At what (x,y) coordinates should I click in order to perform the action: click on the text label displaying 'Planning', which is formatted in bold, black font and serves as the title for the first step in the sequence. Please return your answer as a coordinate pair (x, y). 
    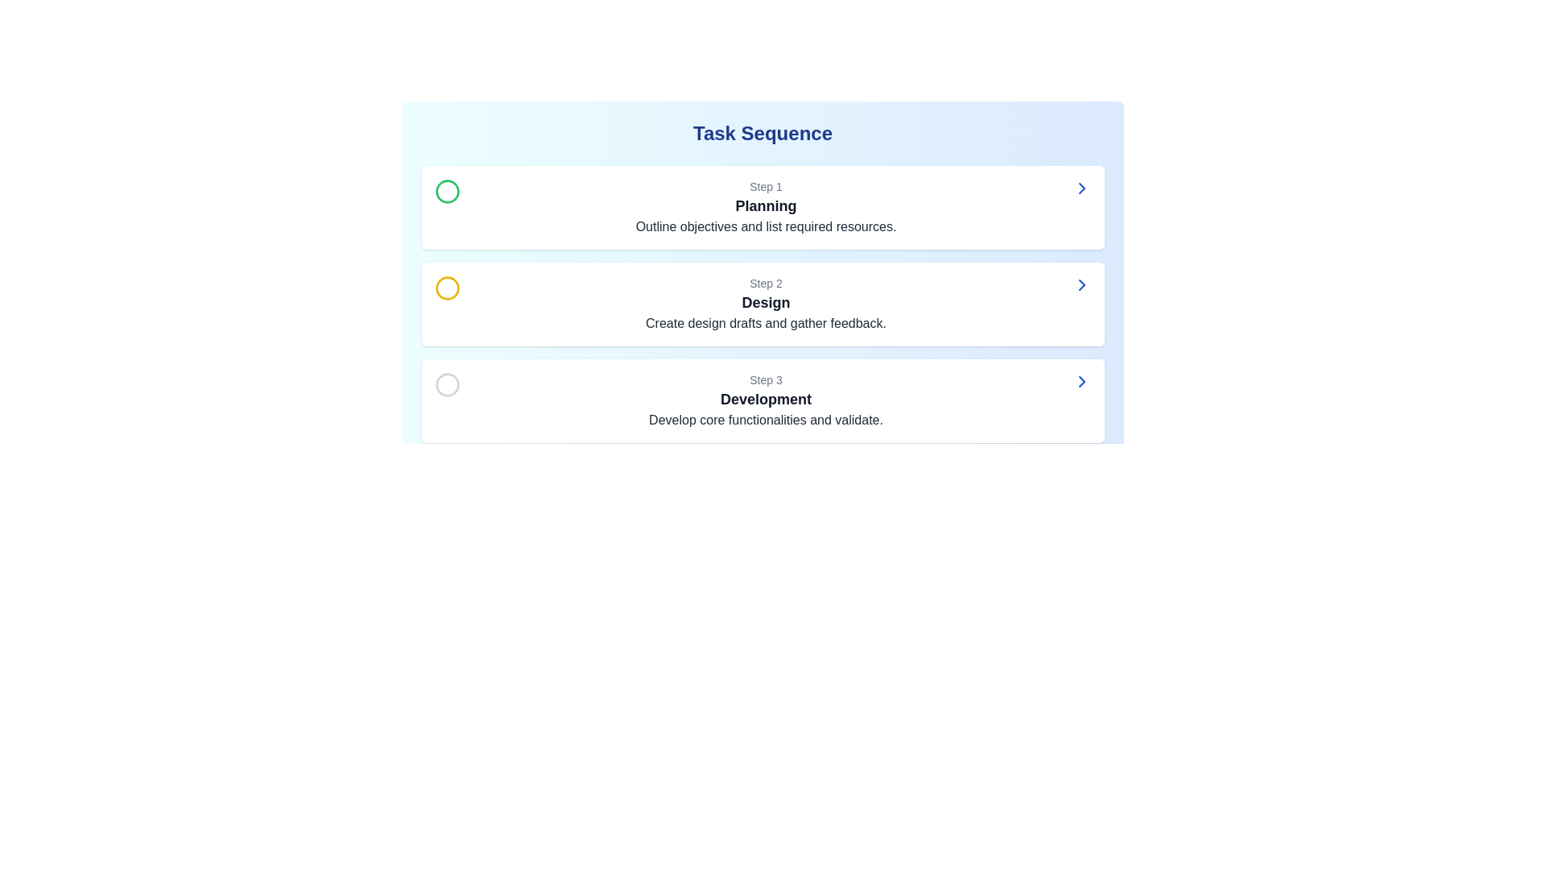
    Looking at the image, I should click on (765, 205).